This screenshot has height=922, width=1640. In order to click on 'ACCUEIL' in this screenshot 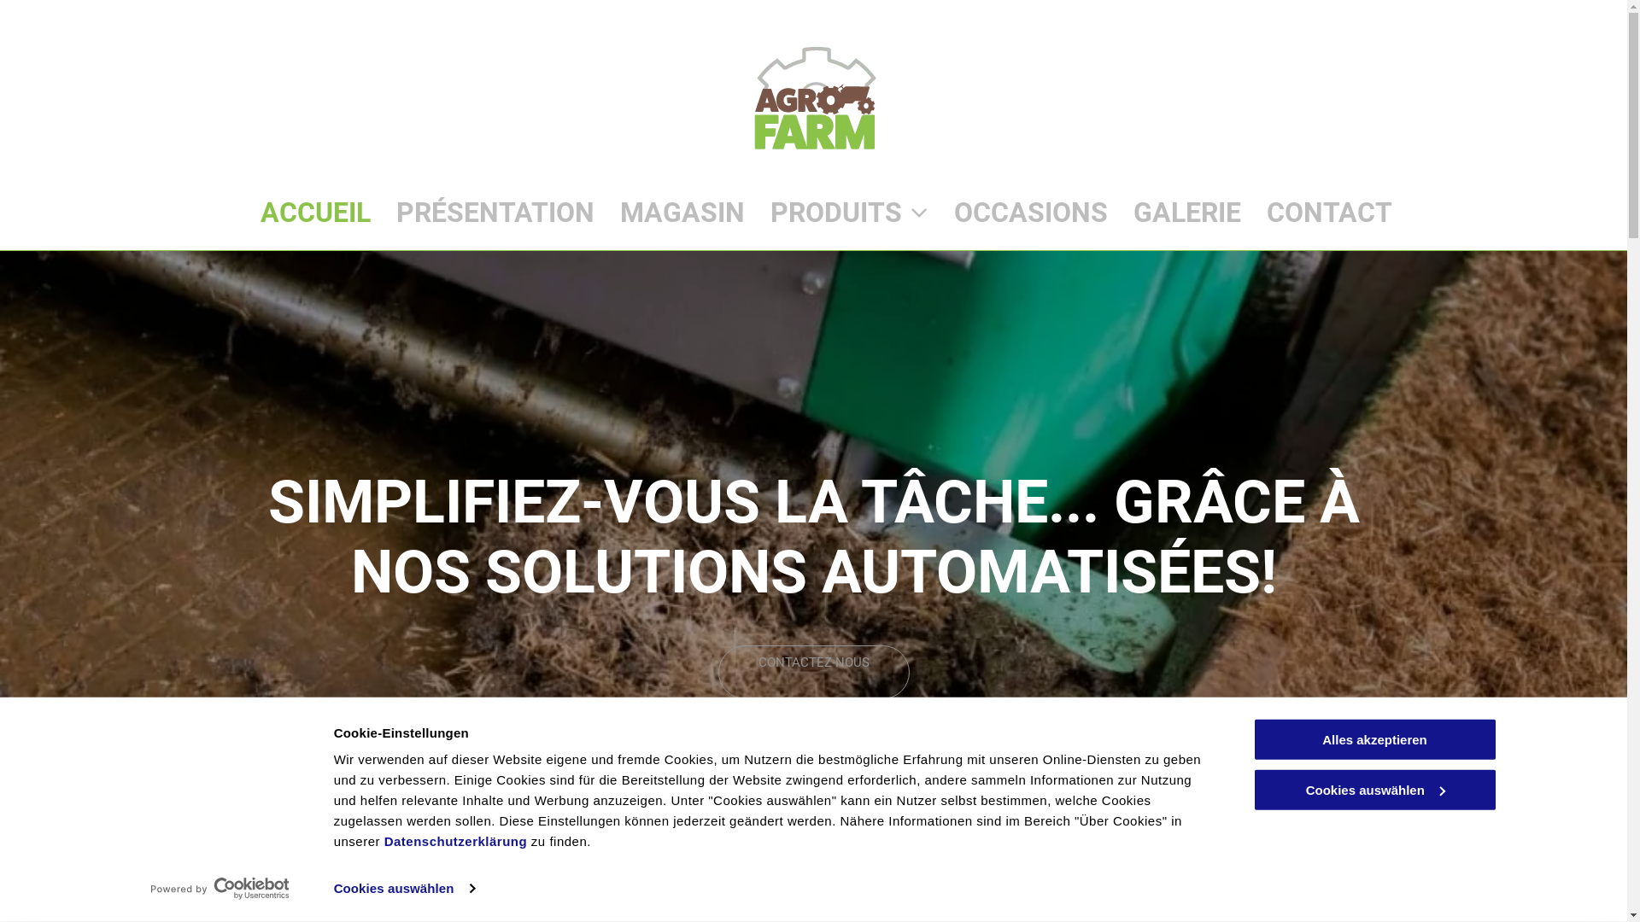, I will do `click(260, 212)`.